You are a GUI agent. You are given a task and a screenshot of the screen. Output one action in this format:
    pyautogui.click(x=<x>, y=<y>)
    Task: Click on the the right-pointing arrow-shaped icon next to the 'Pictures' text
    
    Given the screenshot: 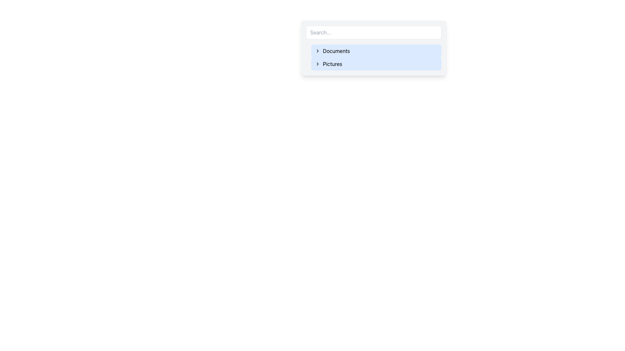 What is the action you would take?
    pyautogui.click(x=317, y=64)
    